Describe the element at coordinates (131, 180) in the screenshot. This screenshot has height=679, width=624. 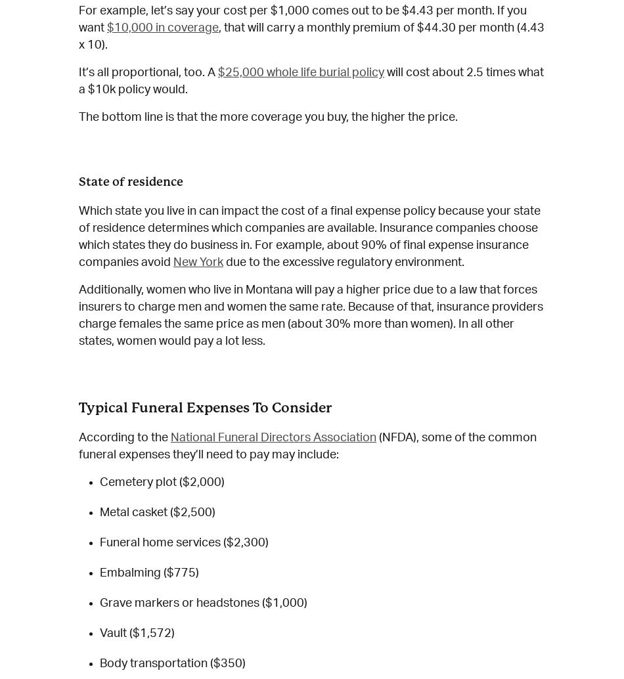
I see `'State of residence'` at that location.